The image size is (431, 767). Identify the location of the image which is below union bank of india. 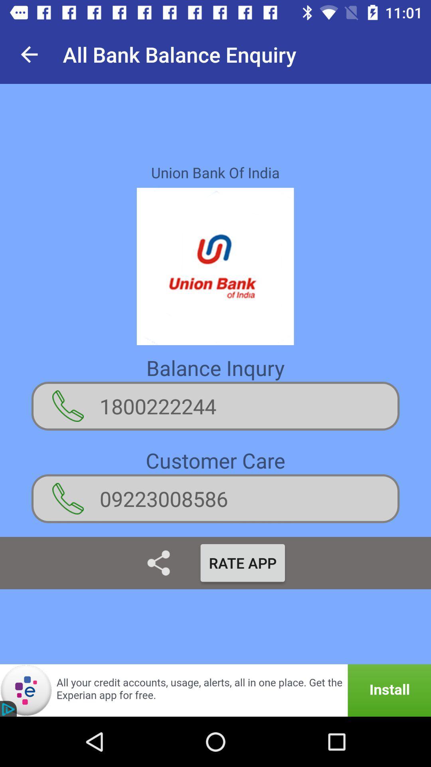
(215, 266).